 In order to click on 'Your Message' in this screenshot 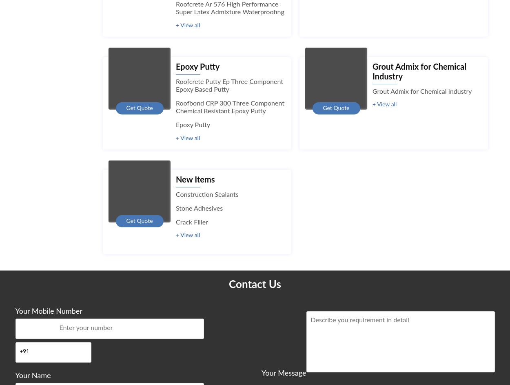, I will do `click(283, 372)`.